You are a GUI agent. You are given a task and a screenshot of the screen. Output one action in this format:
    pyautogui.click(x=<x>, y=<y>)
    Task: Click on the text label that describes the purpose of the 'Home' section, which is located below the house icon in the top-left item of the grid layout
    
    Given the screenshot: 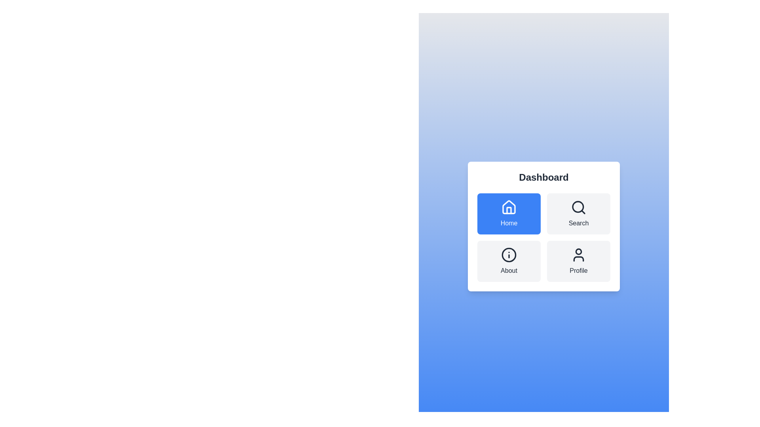 What is the action you would take?
    pyautogui.click(x=509, y=223)
    